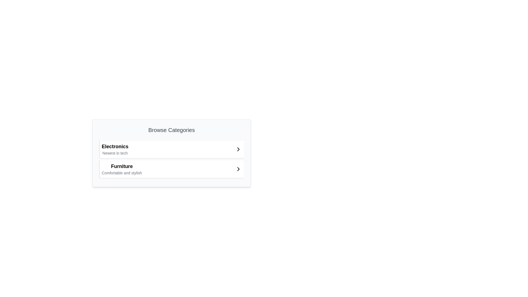 The image size is (528, 297). I want to click on the text label reading 'Electronics', styled with a bold font and larger text size, located at the top-left of the 'Browse Categories' section, so click(115, 146).